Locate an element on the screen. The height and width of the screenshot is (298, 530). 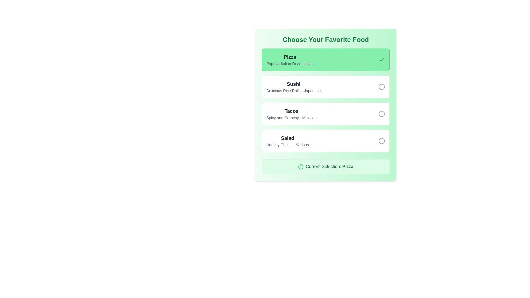
the last item in the vertical radio-style list representing the choice for 'Salad' to activate hover effects is located at coordinates (326, 140).